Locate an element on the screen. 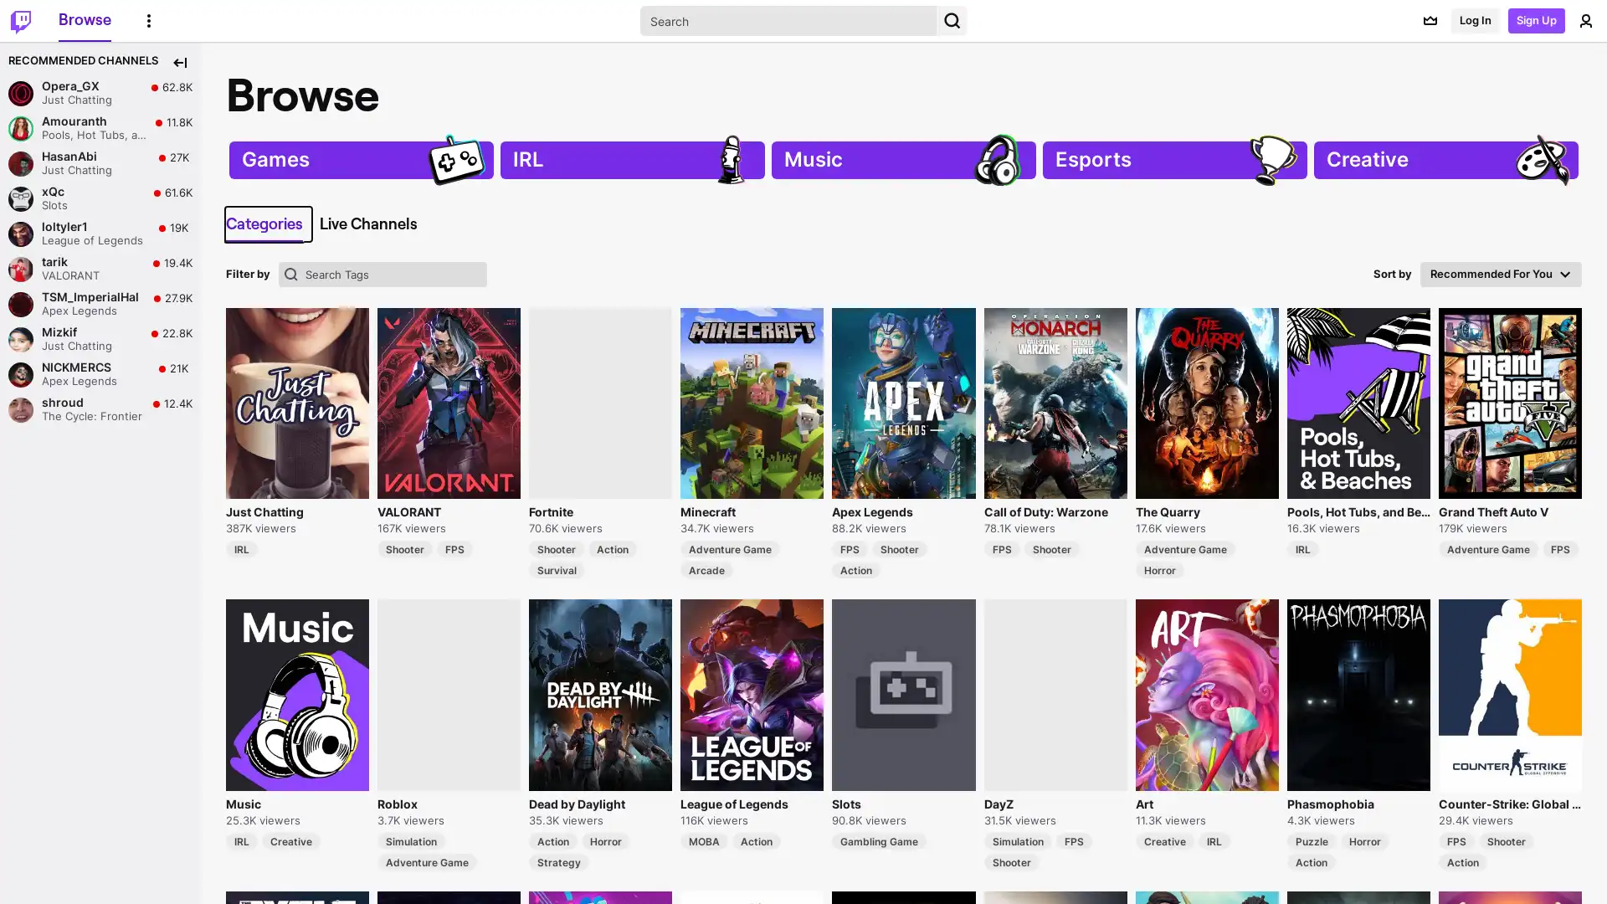 The image size is (1607, 904). Shooter is located at coordinates (557, 548).